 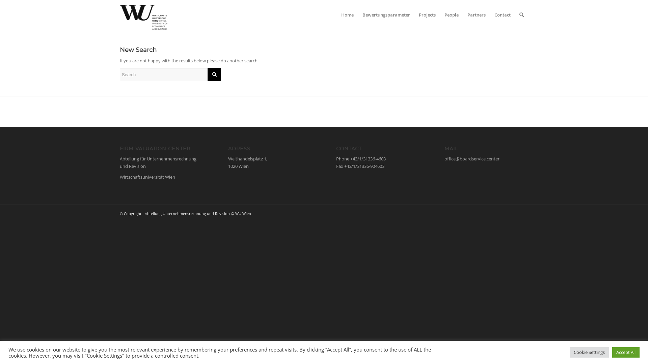 What do you see at coordinates (427, 14) in the screenshot?
I see `'Projects'` at bounding box center [427, 14].